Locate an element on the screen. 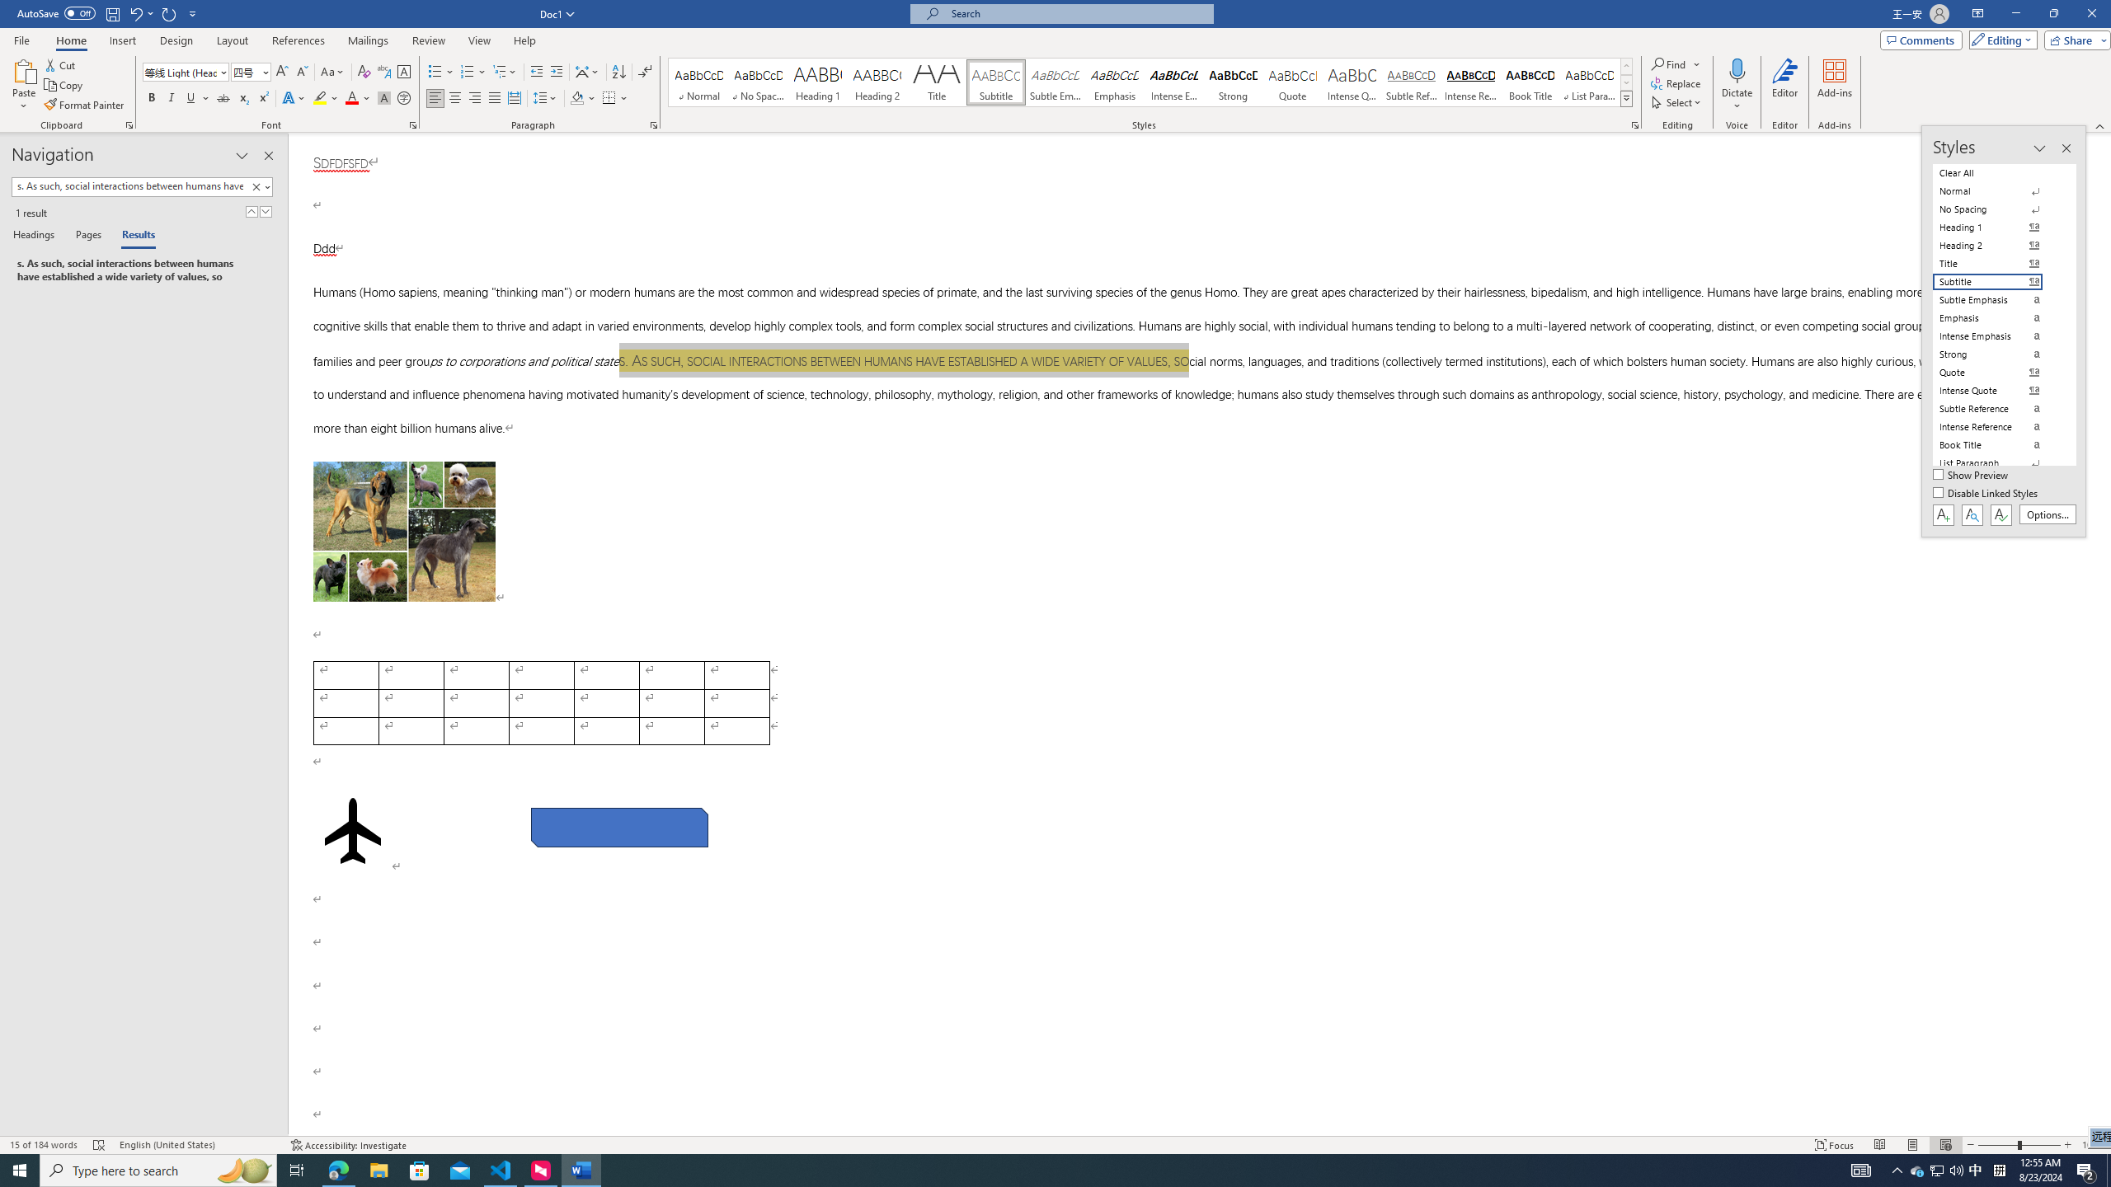 The image size is (2111, 1187). 'AutoSave' is located at coordinates (57, 12).